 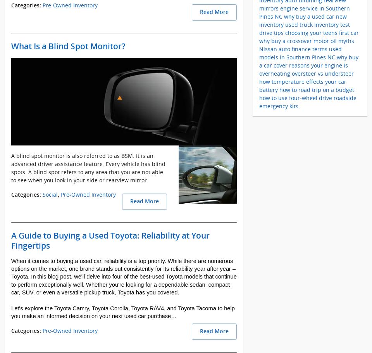 What do you see at coordinates (88, 167) in the screenshot?
I see `'A blind spot monitor is also referred to as BSM. It is an advanced driver assistance feature. Every vehicle has blind spots. A blind spot refers to any area that you are not able to see when you look in your side or rearview mirror.'` at bounding box center [88, 167].